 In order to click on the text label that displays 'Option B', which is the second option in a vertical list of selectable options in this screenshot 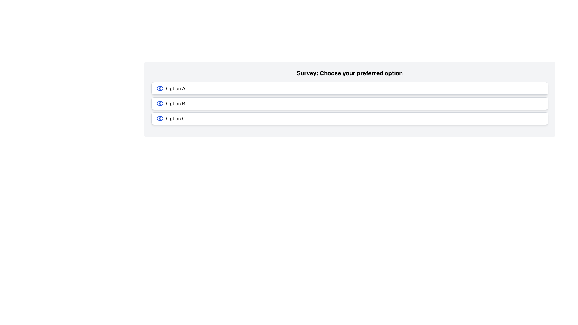, I will do `click(175, 103)`.